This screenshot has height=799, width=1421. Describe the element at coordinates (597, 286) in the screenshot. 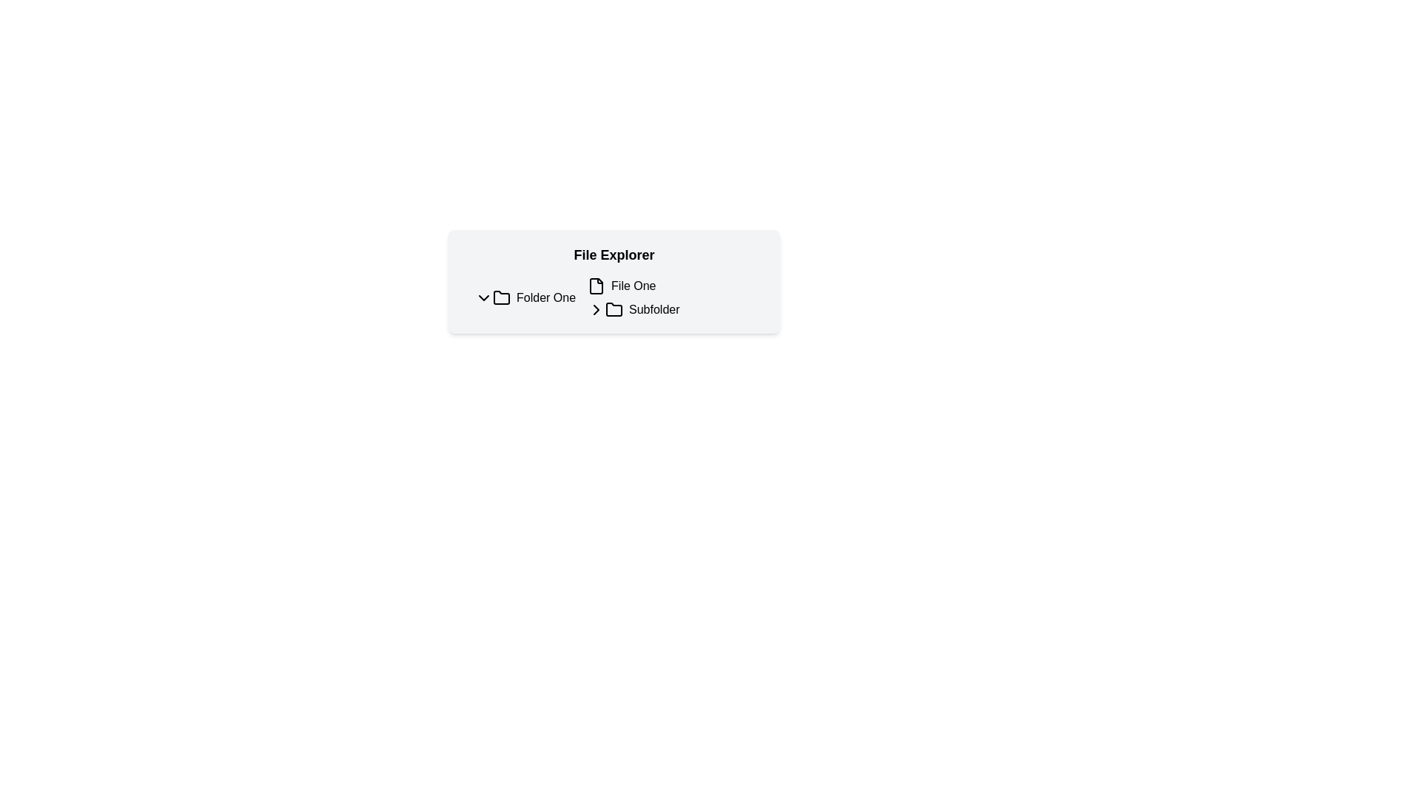

I see `the file icon that represents 'File One', which is positioned immediately before the text label in a horizontal row` at that location.